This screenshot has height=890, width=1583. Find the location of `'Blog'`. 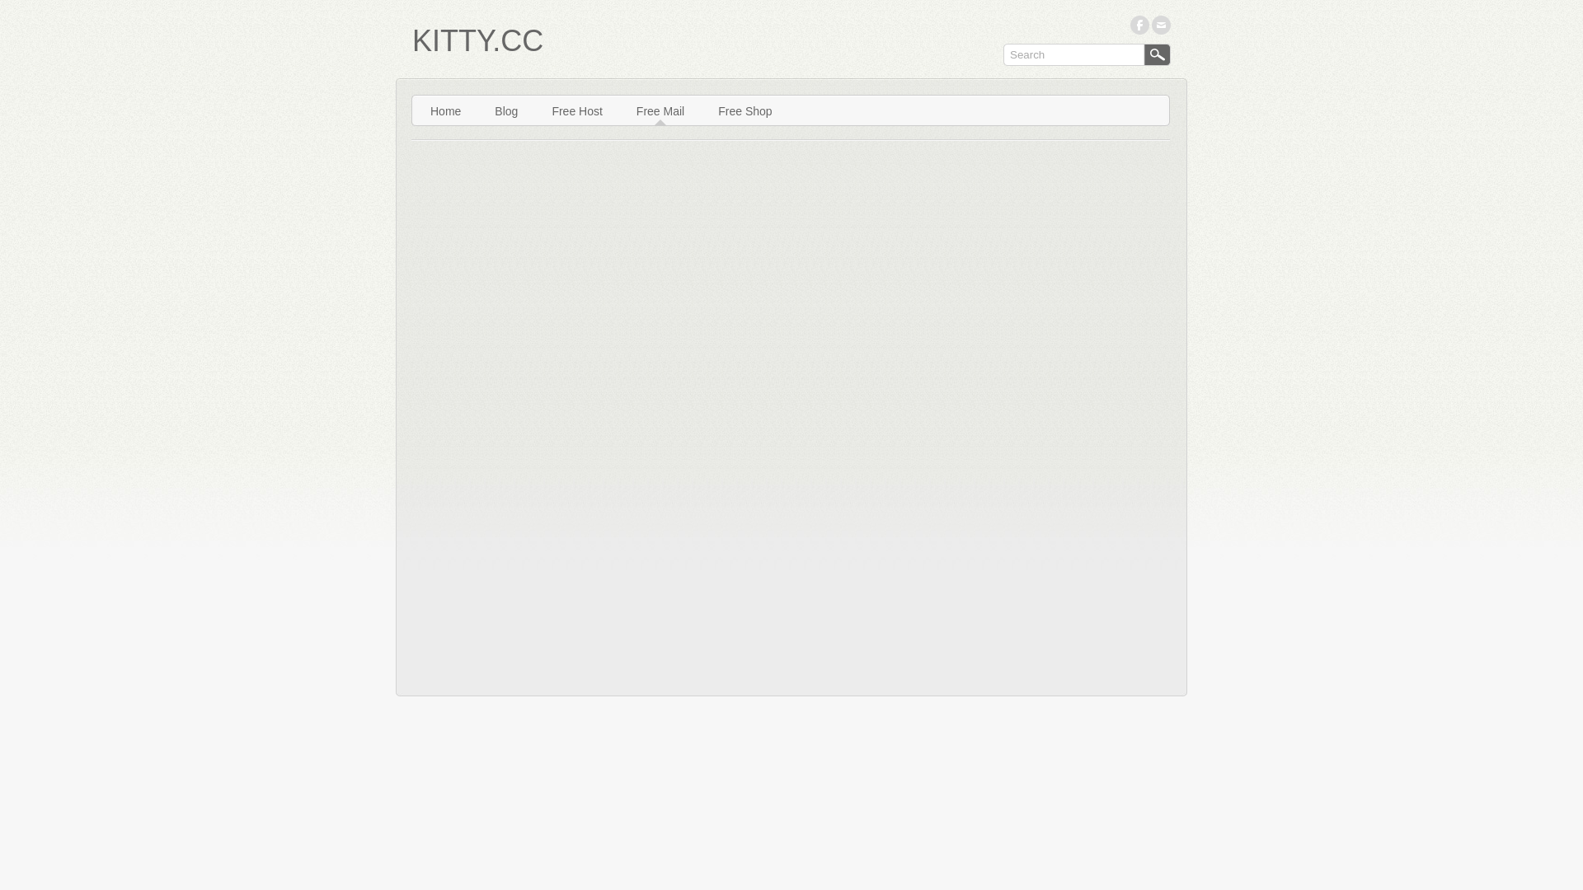

'Blog' is located at coordinates (505, 110).